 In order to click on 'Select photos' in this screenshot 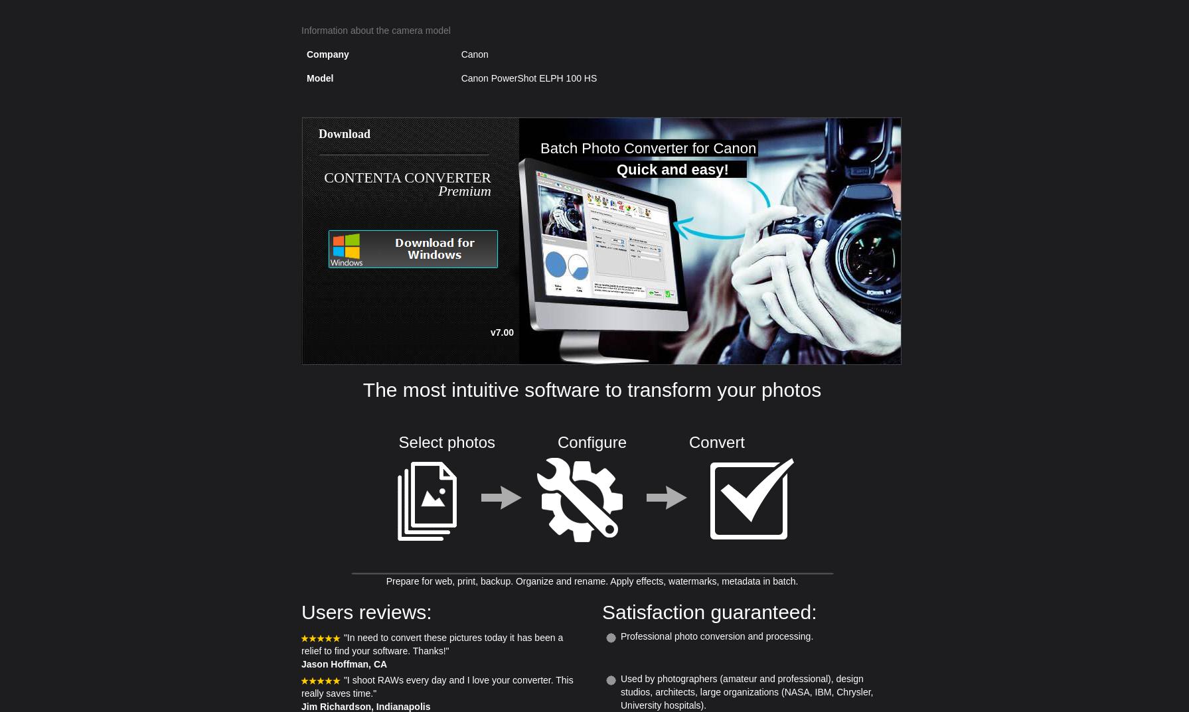, I will do `click(398, 442)`.